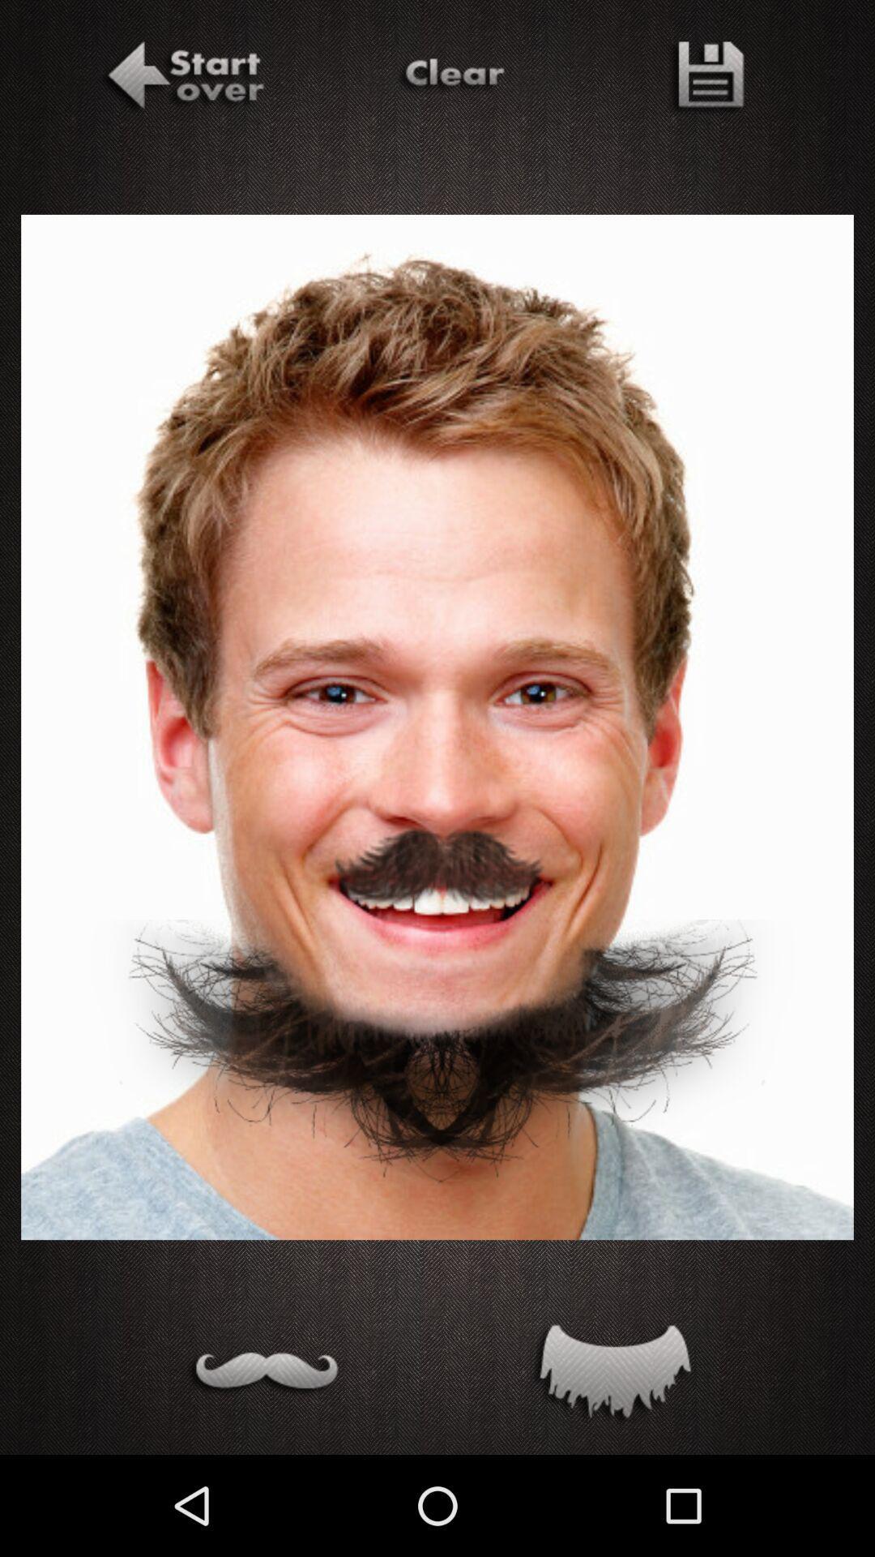 The image size is (875, 1557). What do you see at coordinates (611, 1375) in the screenshot?
I see `choose a beard option` at bounding box center [611, 1375].